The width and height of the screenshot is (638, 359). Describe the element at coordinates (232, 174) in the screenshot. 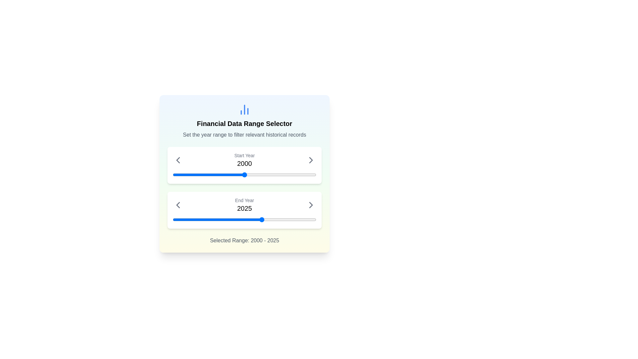

I see `the start year` at that location.